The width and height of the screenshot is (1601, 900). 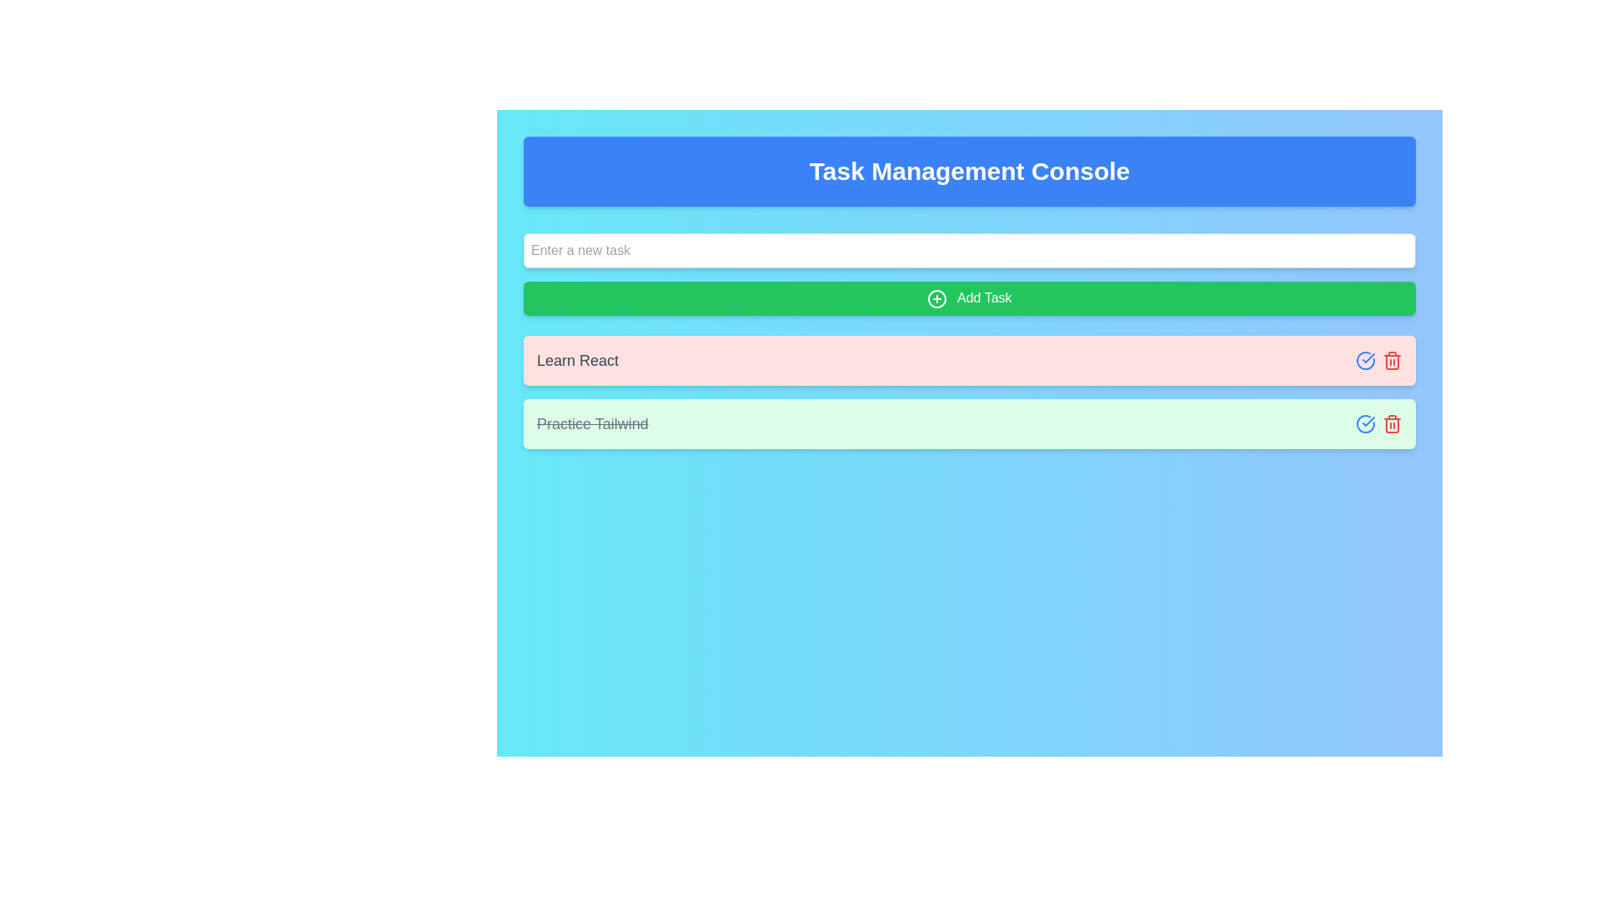 I want to click on the blue circular checkmark icon located in the rightmost area of the second row within the interactive table of tasks, so click(x=1365, y=359).